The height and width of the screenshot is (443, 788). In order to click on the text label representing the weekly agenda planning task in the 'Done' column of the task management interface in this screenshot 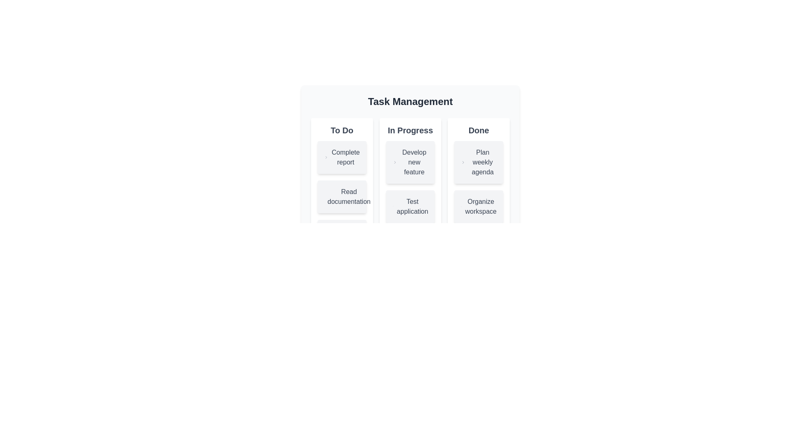, I will do `click(483, 162)`.